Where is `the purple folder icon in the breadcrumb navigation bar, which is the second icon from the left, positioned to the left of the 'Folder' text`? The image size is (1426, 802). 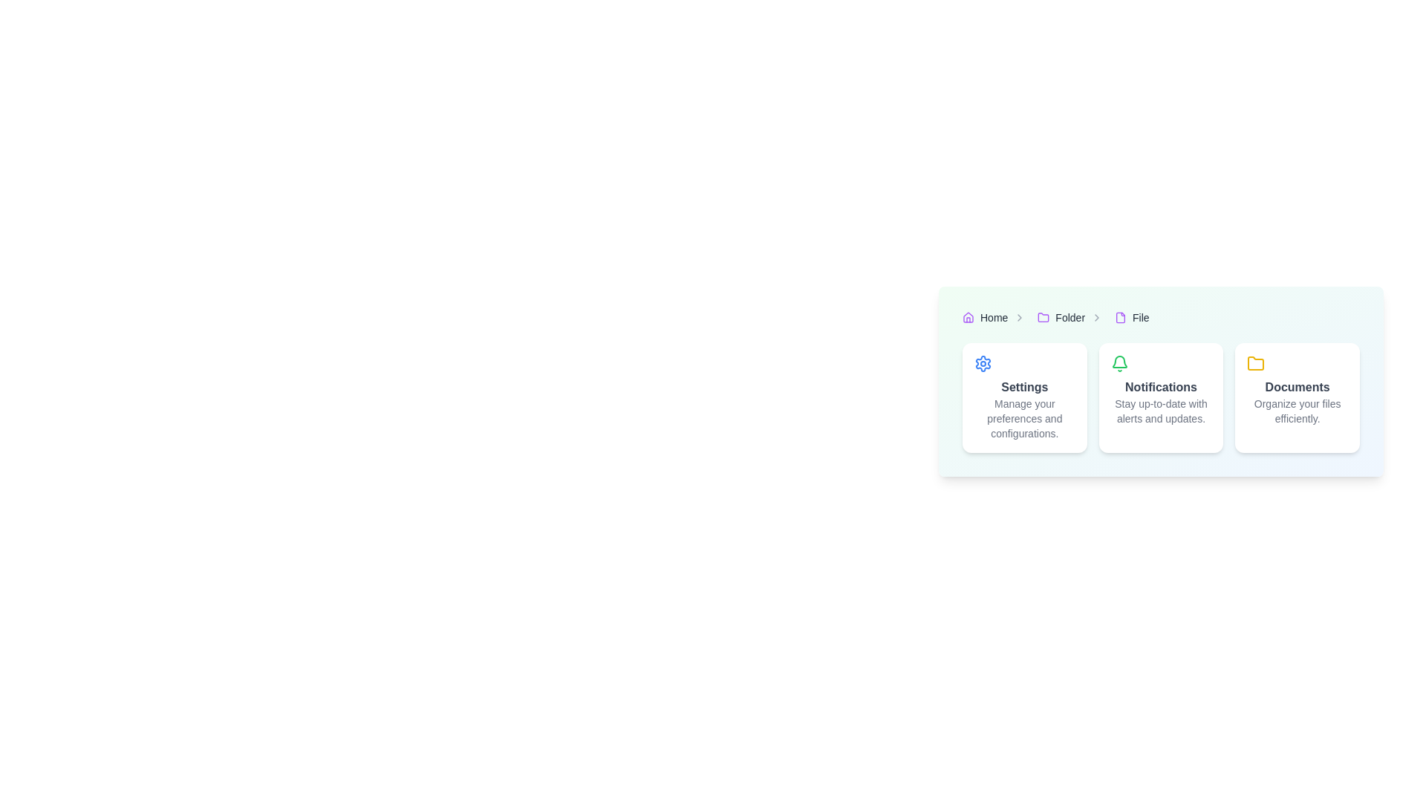
the purple folder icon in the breadcrumb navigation bar, which is the second icon from the left, positioned to the left of the 'Folder' text is located at coordinates (1043, 317).